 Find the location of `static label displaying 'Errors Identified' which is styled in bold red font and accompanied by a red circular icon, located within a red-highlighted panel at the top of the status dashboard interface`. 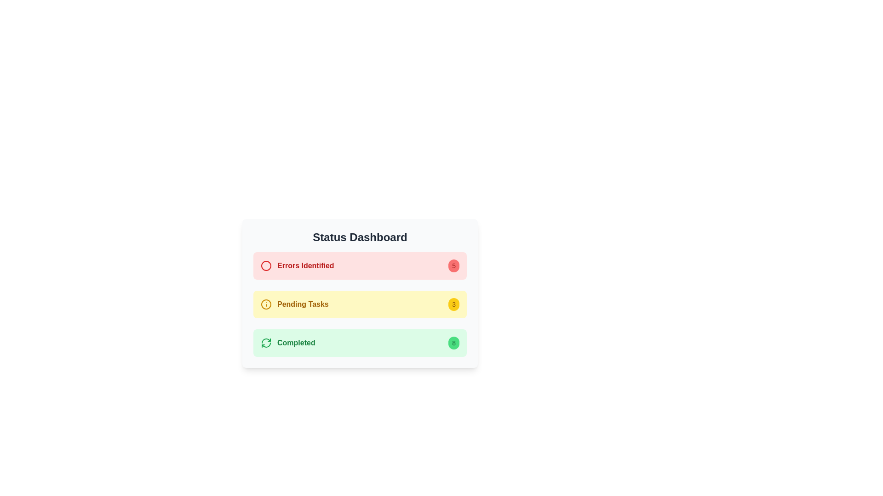

static label displaying 'Errors Identified' which is styled in bold red font and accompanied by a red circular icon, located within a red-highlighted panel at the top of the status dashboard interface is located at coordinates (297, 265).